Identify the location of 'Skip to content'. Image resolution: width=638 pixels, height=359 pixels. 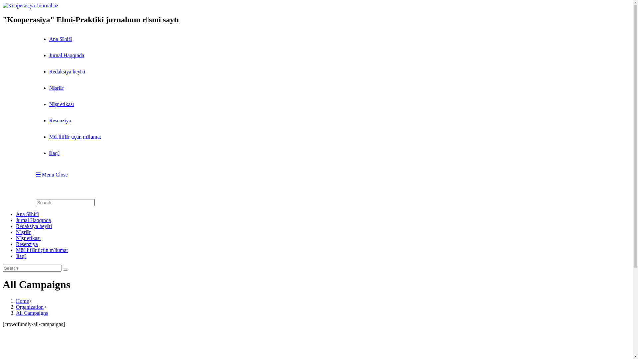
(2, 2).